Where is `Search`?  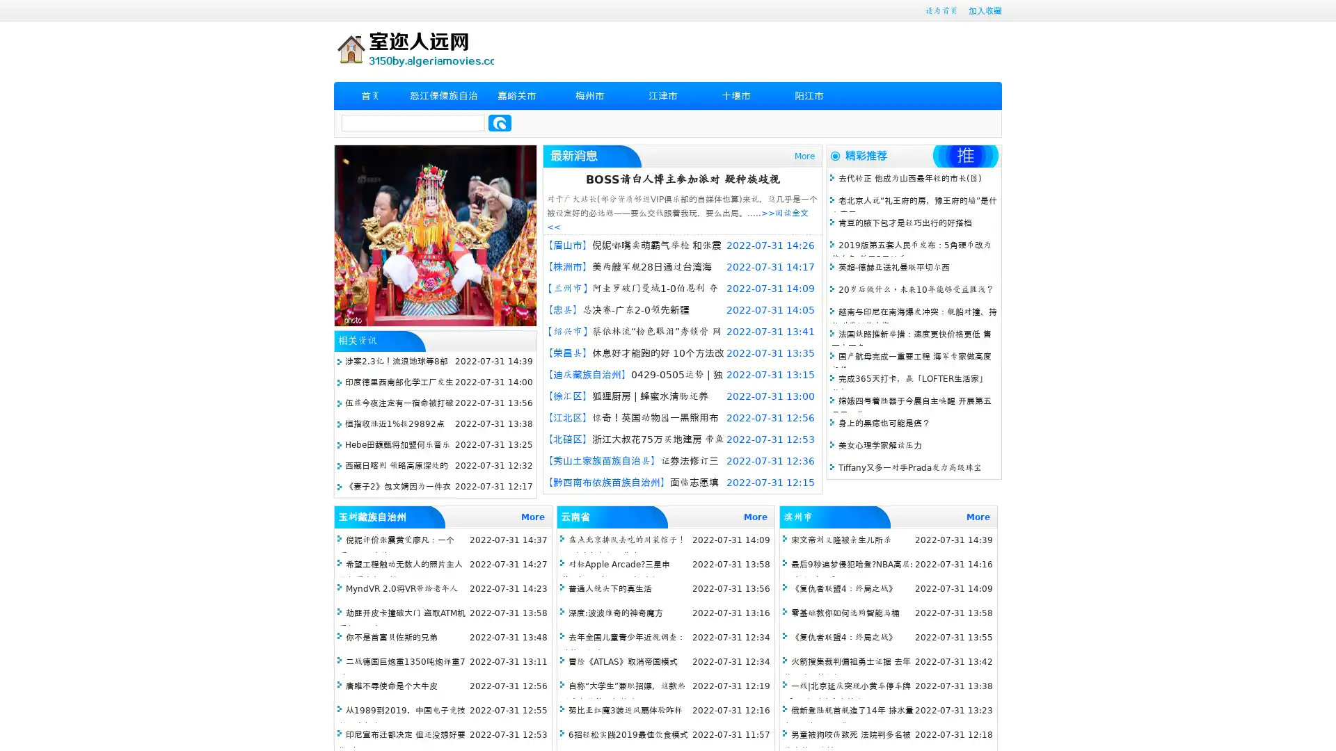 Search is located at coordinates (500, 122).